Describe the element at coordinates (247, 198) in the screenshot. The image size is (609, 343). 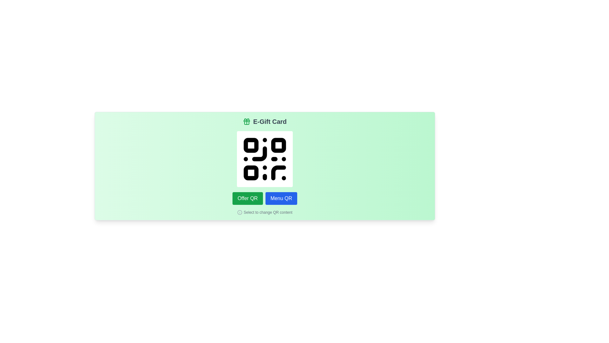
I see `the 'Offer QR' button, which is a rectangular button with white text on a green background` at that location.